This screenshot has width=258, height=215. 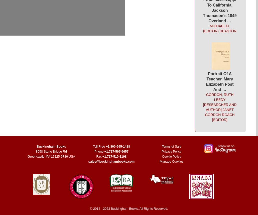 What do you see at coordinates (171, 151) in the screenshot?
I see `'Privacy Policy'` at bounding box center [171, 151].